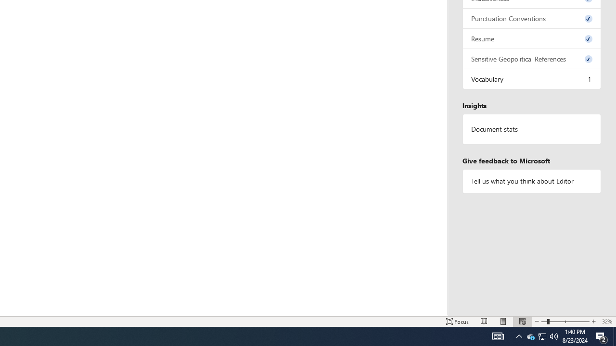  What do you see at coordinates (503, 321) in the screenshot?
I see `'Print Layout'` at bounding box center [503, 321].